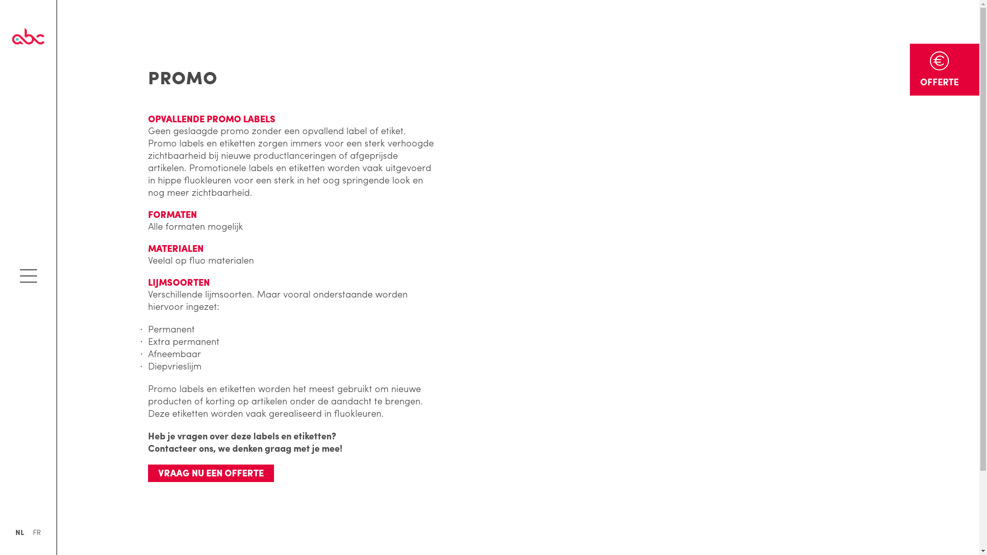  What do you see at coordinates (37, 531) in the screenshot?
I see `'FR'` at bounding box center [37, 531].